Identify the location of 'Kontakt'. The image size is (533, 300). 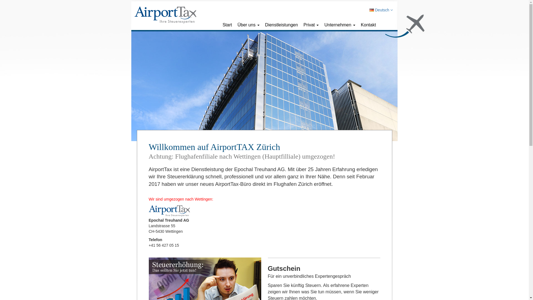
(358, 24).